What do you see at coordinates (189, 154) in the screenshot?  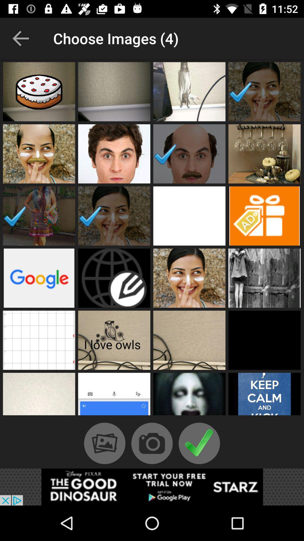 I see `selected image` at bounding box center [189, 154].